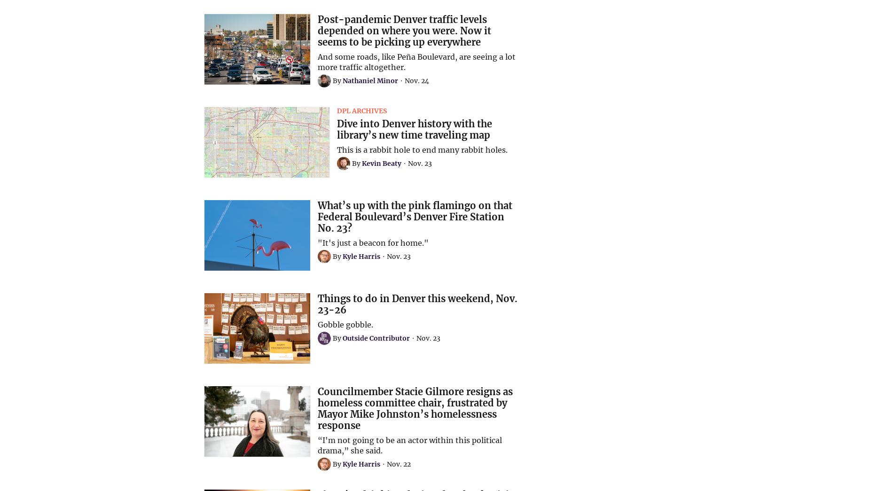 This screenshot has height=491, width=893. What do you see at coordinates (345, 324) in the screenshot?
I see `'Gobble gobble.'` at bounding box center [345, 324].